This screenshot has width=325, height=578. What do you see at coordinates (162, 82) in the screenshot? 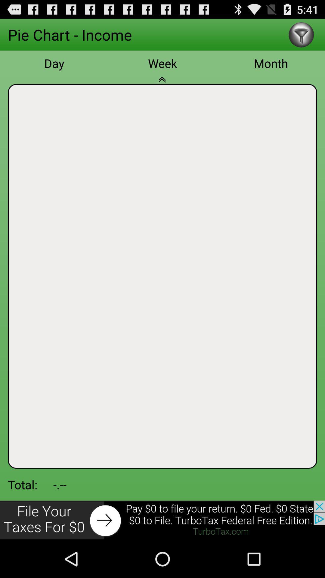
I see `open calendar` at bounding box center [162, 82].